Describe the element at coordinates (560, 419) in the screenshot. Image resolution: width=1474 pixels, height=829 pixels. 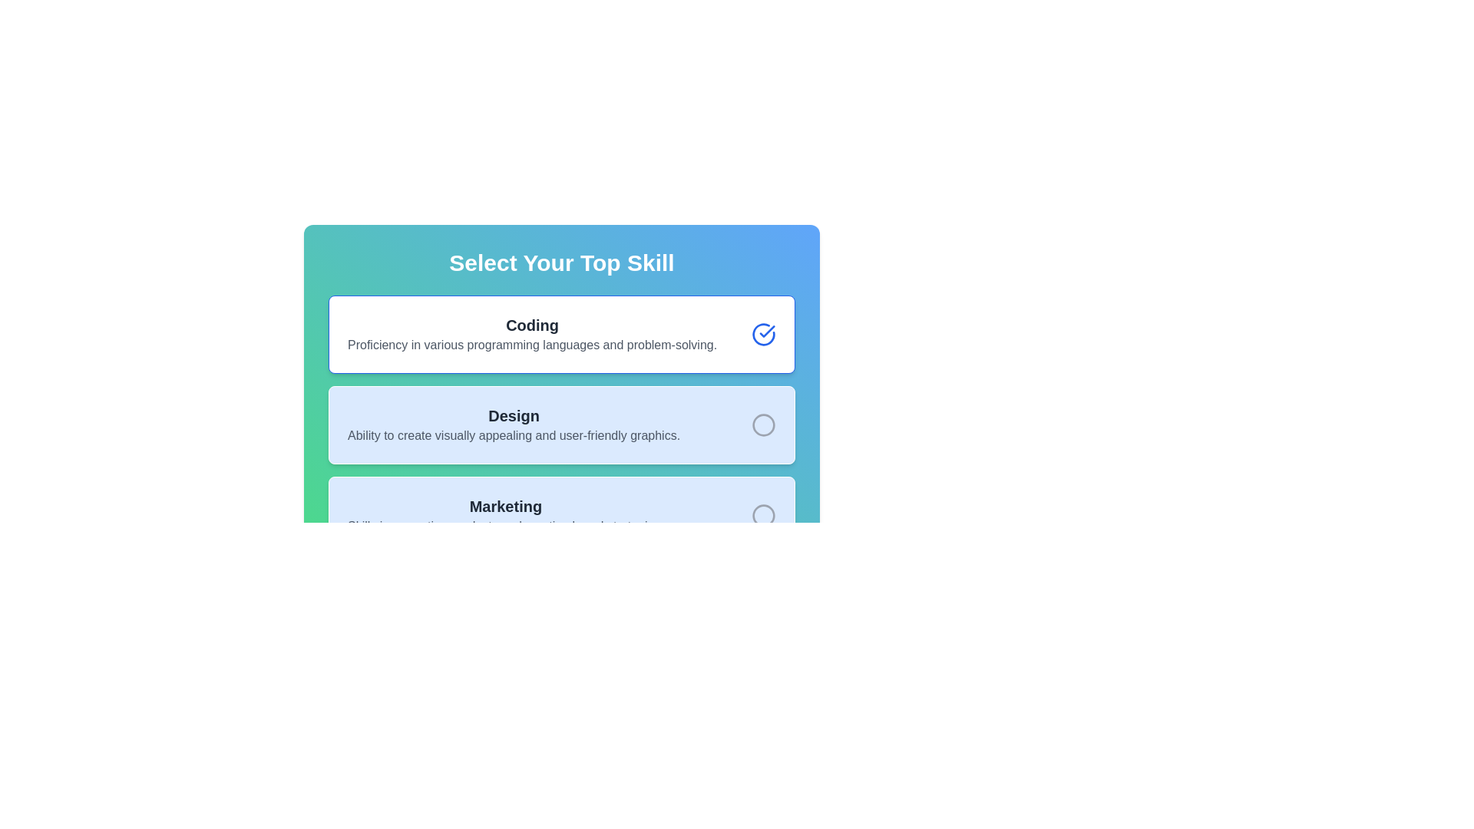
I see `the 'Design' skill selectable option card located under the title 'Select Your Top Skill', which is the second option in the list` at that location.